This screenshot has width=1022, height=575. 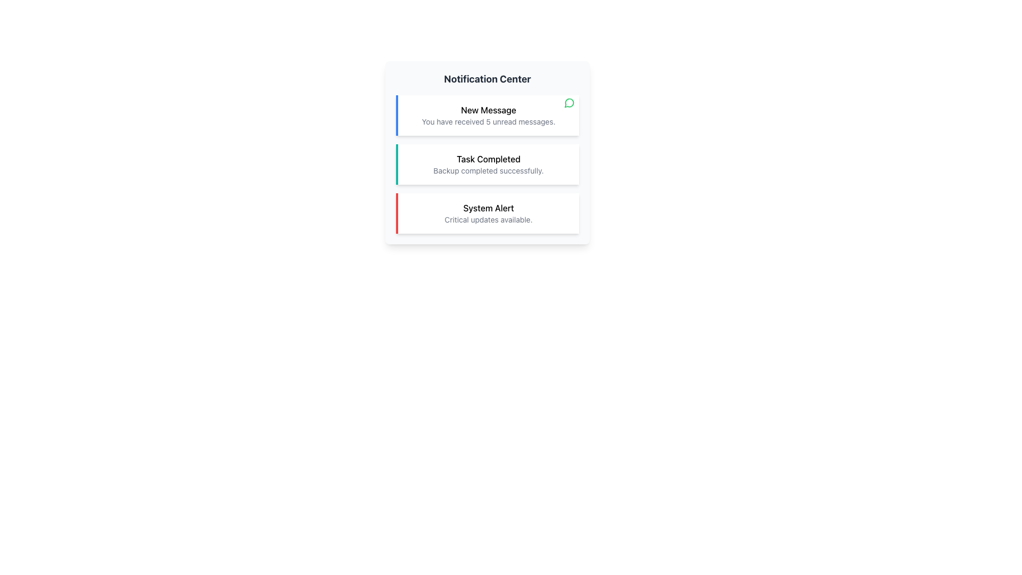 What do you see at coordinates (488, 159) in the screenshot?
I see `the content of the Text Label that serves as the title for the notification, located above the text 'Backup completed successfully' in the notification center interface` at bounding box center [488, 159].